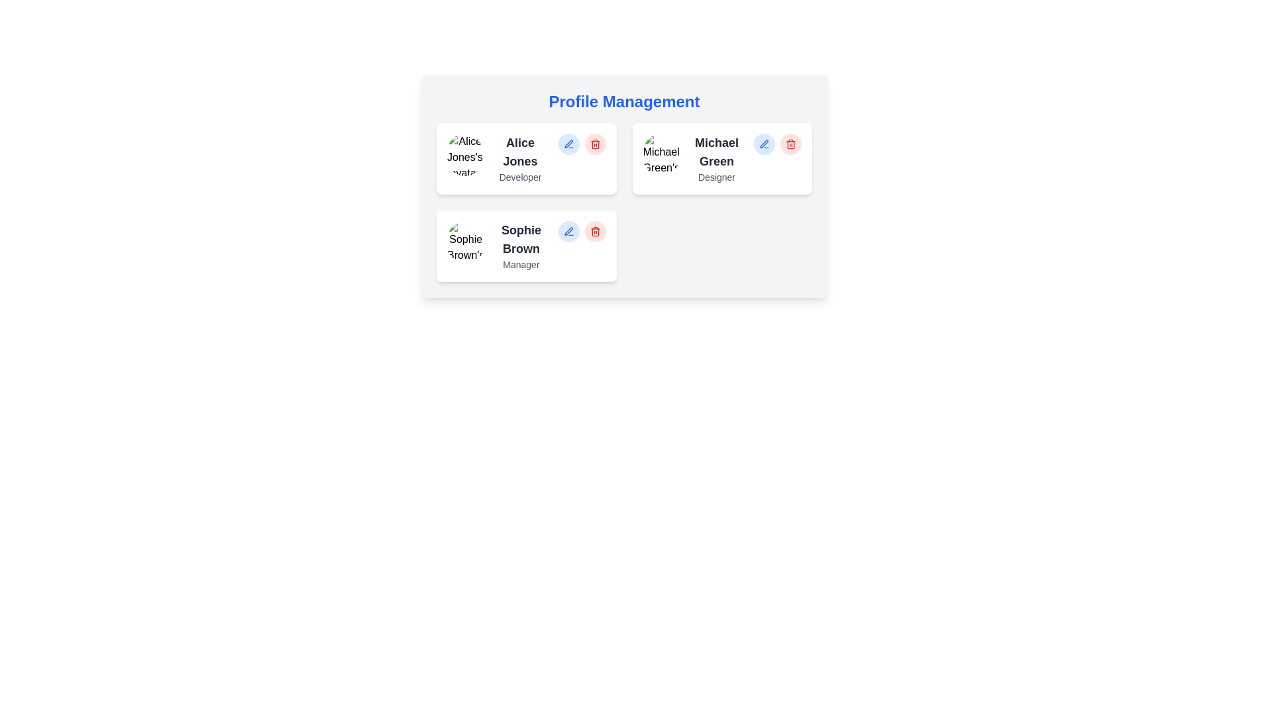 This screenshot has width=1272, height=715. Describe the element at coordinates (464, 154) in the screenshot. I see `the avatar image representing Alice Jones's identity, located at the top-left corner of her profile card` at that location.